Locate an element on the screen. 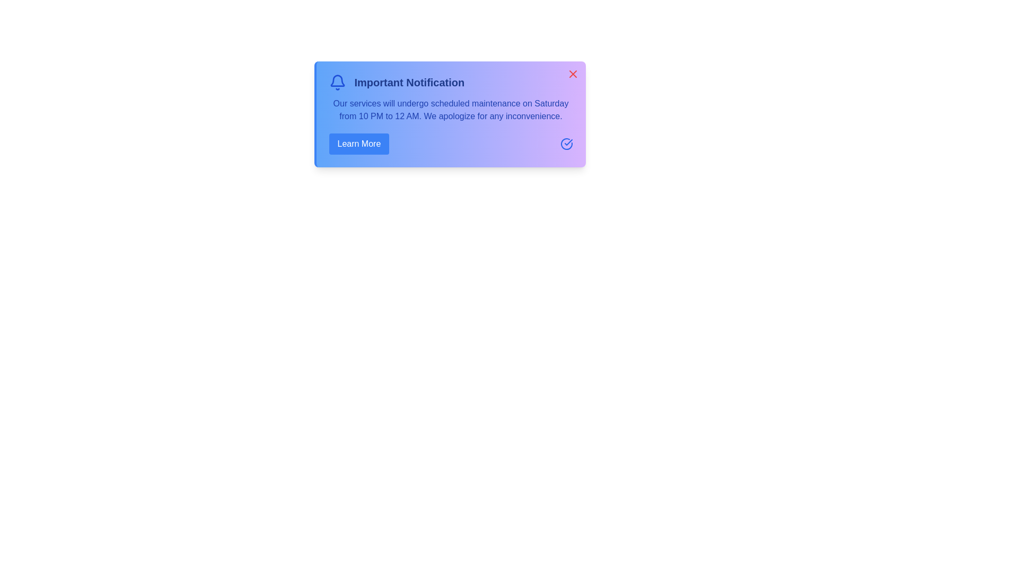 This screenshot has width=1018, height=572. 'Learn More' button to navigate for additional information is located at coordinates (358, 144).